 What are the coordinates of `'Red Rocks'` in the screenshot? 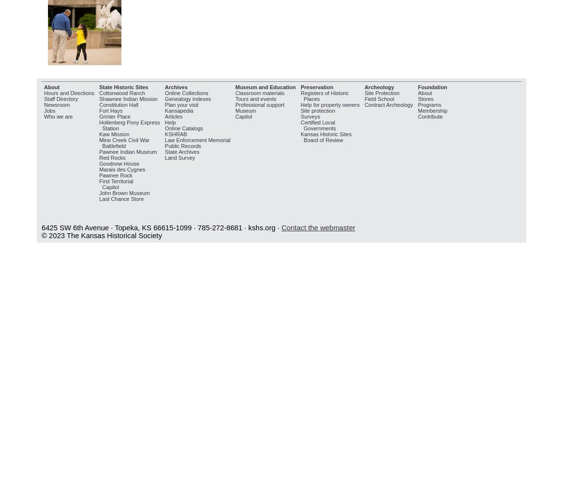 It's located at (111, 157).